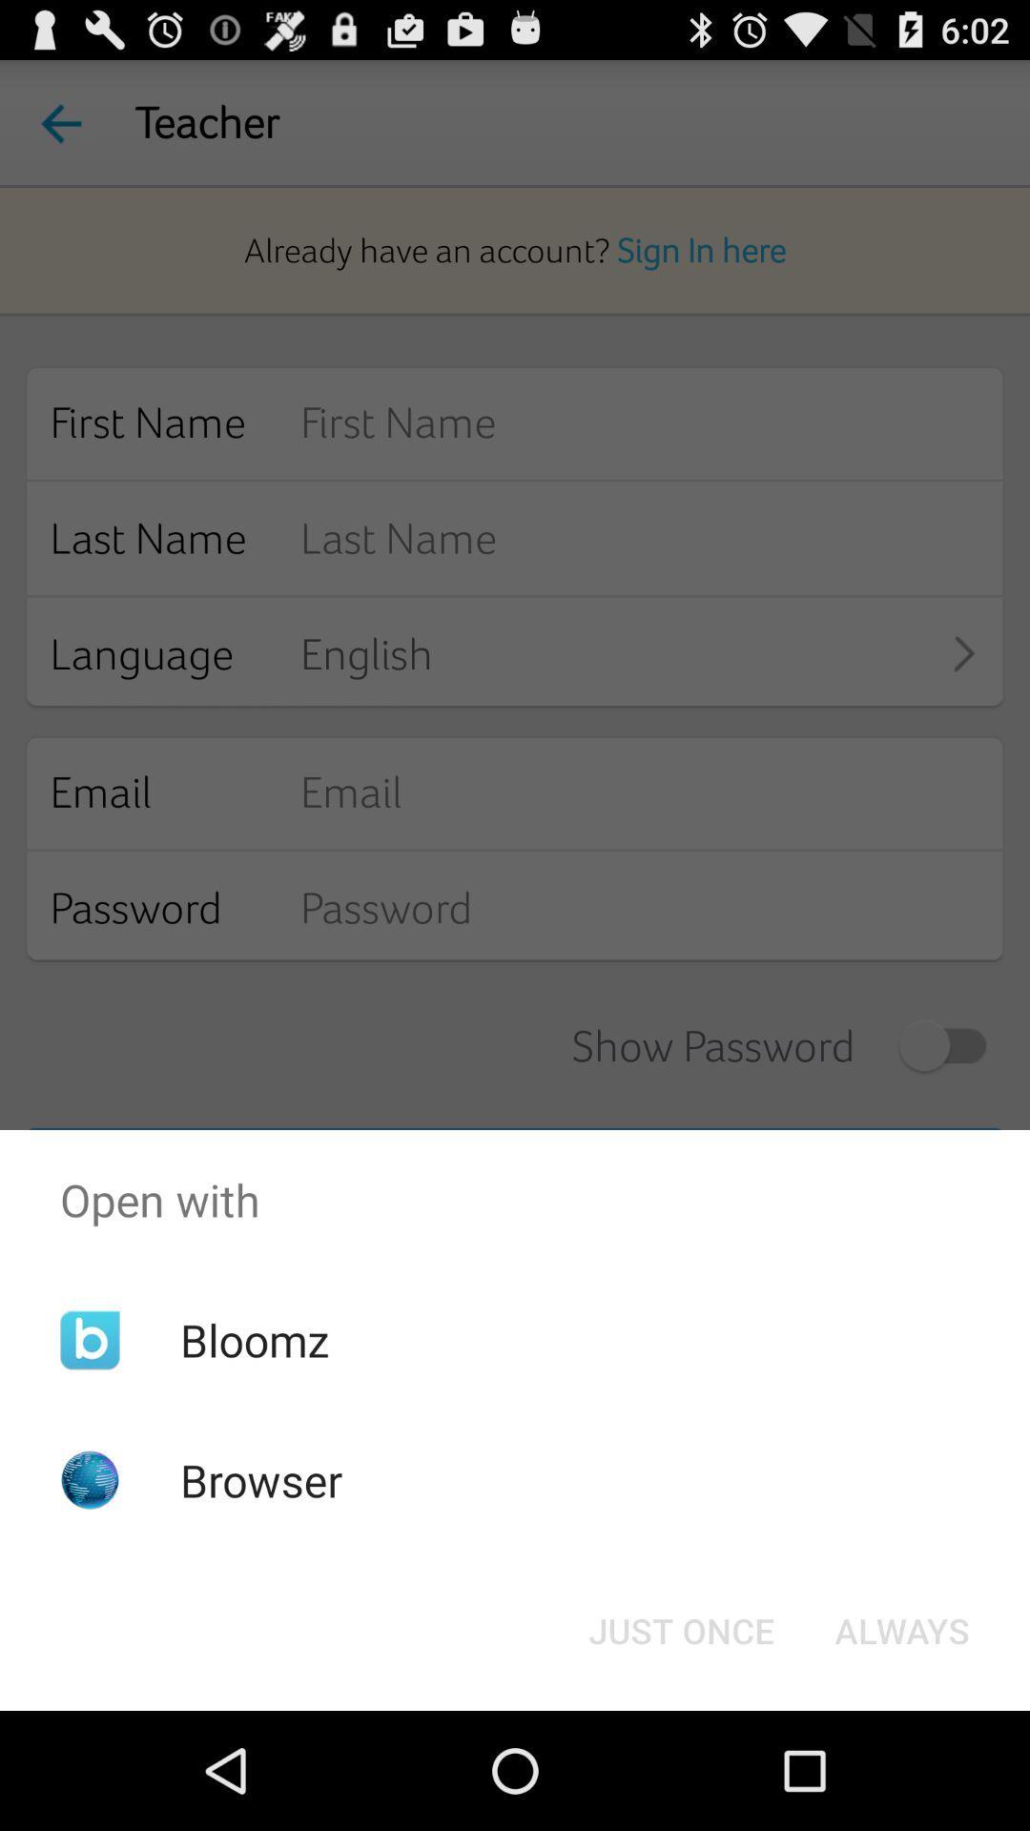 This screenshot has width=1030, height=1831. Describe the element at coordinates (901, 1629) in the screenshot. I see `always icon` at that location.